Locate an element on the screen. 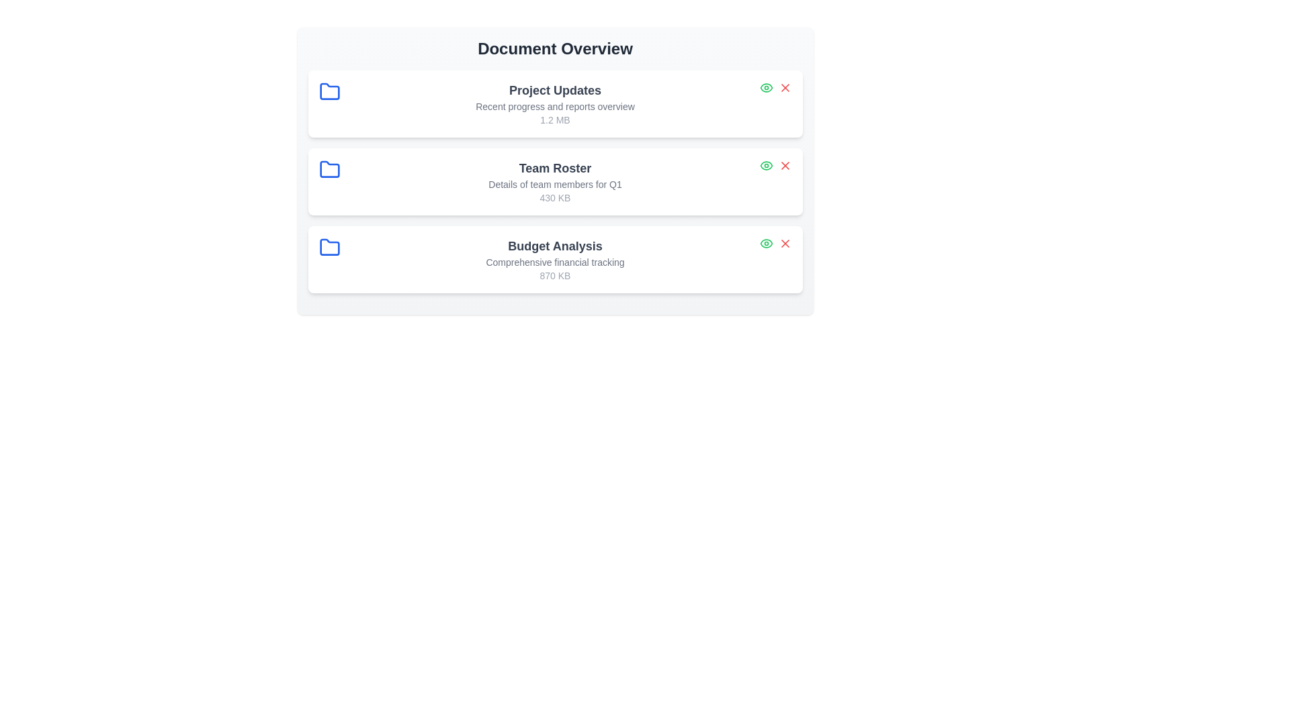 This screenshot has height=725, width=1290. delete button for the document titled 'Project Updates' is located at coordinates (785, 88).